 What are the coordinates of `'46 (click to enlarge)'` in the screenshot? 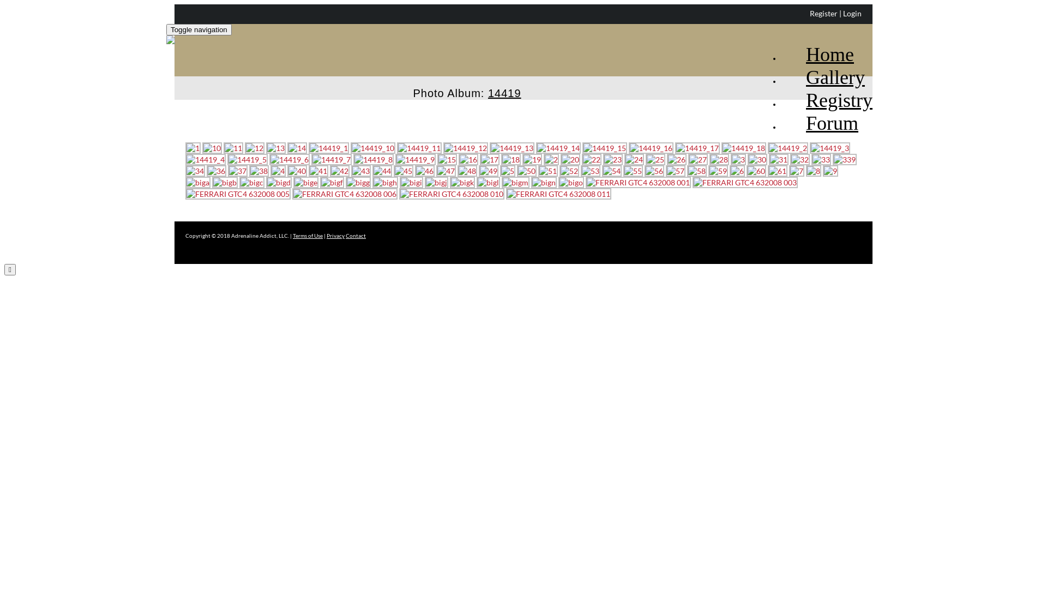 It's located at (424, 171).